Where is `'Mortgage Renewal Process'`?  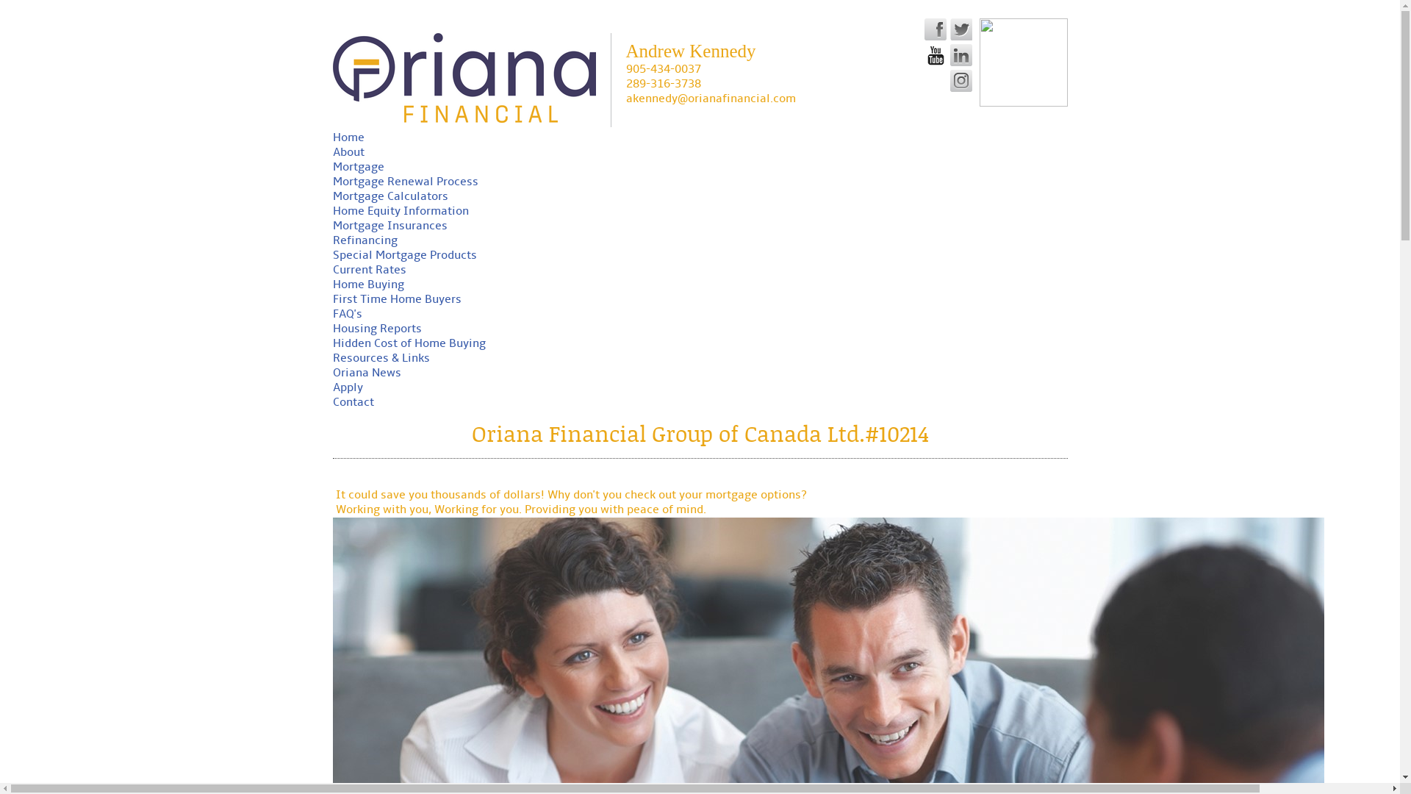 'Mortgage Renewal Process' is located at coordinates (331, 181).